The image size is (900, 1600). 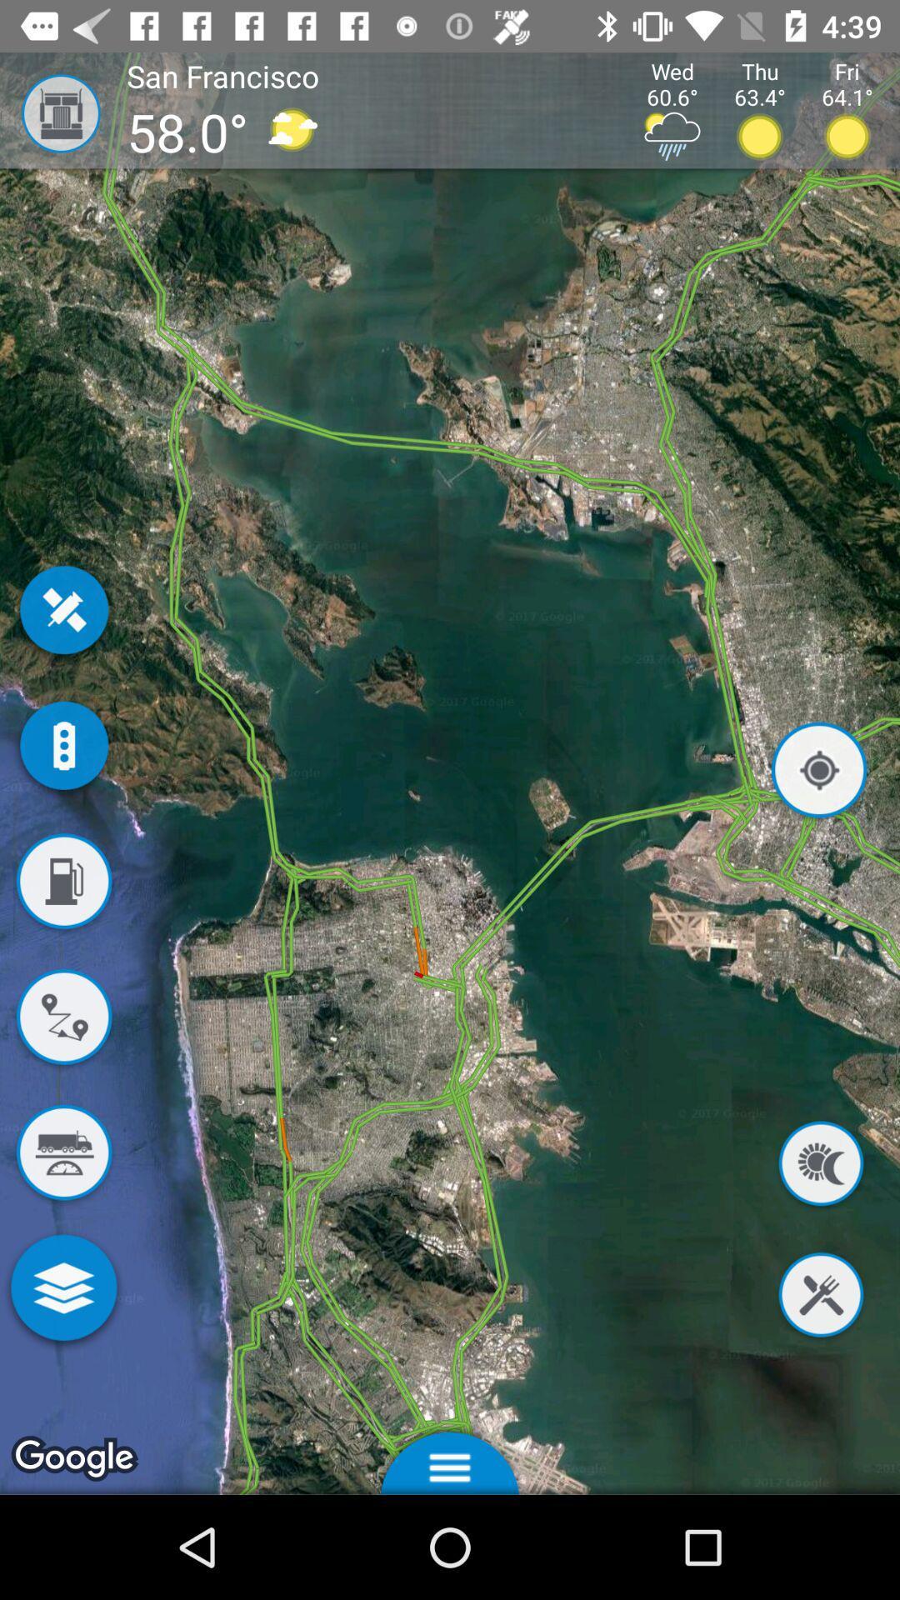 What do you see at coordinates (450, 1457) in the screenshot?
I see `options` at bounding box center [450, 1457].